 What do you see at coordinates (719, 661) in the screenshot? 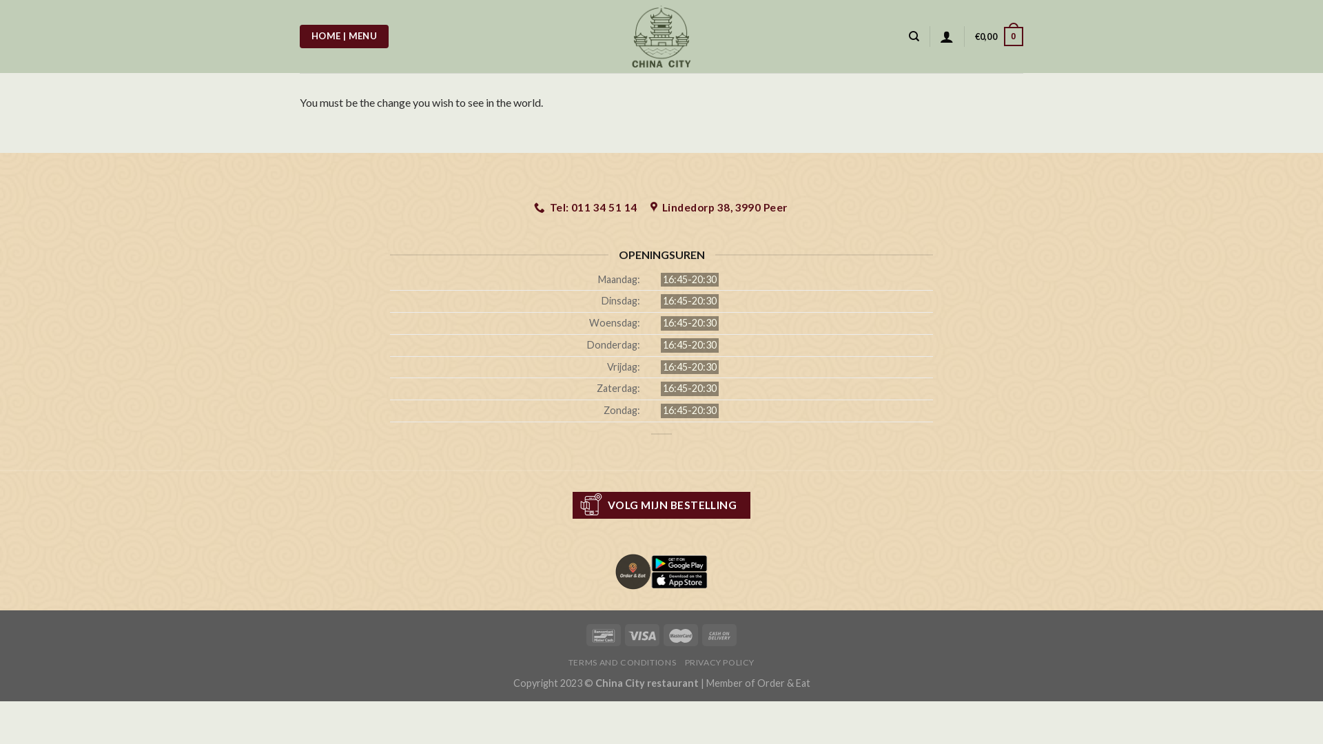
I see `'PRIVACY POLICY'` at bounding box center [719, 661].